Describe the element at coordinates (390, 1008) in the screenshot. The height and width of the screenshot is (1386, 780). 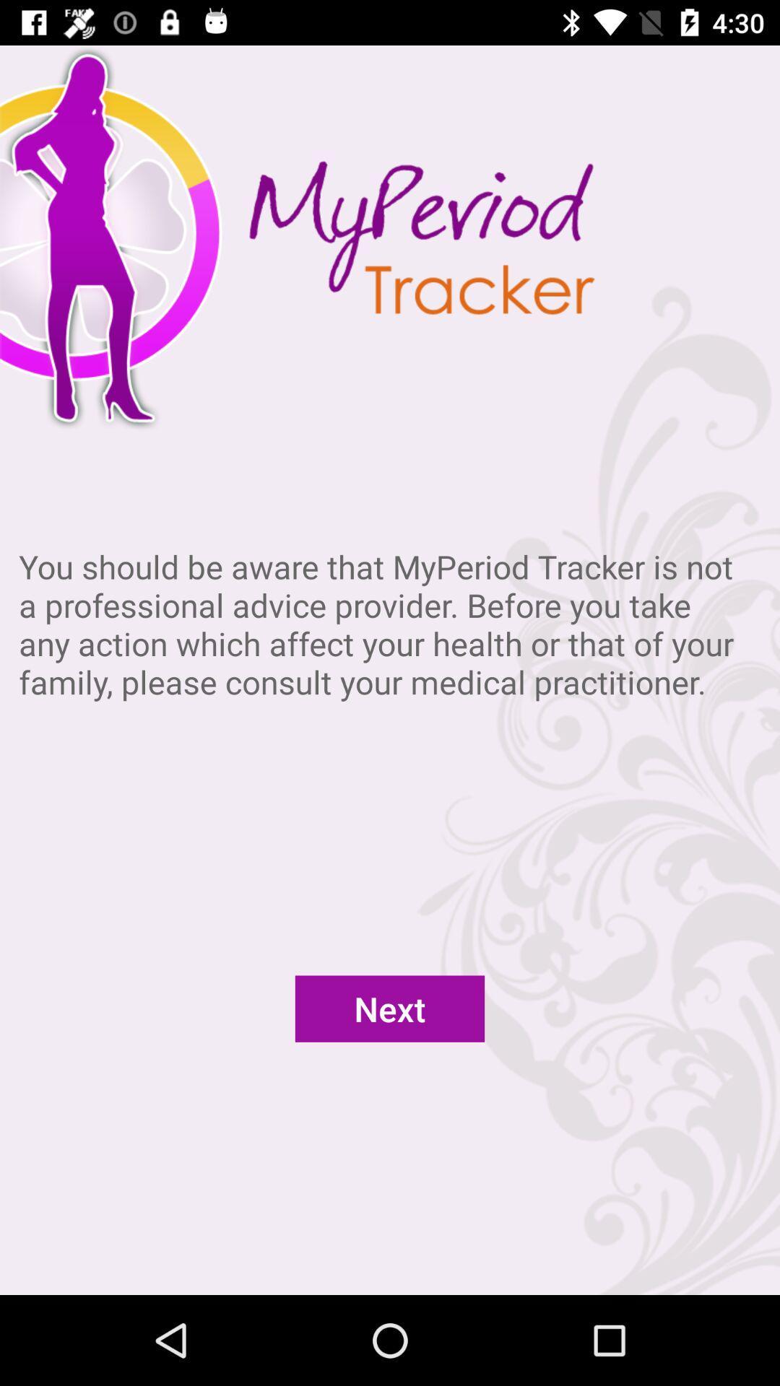
I see `icon below you should be app` at that location.